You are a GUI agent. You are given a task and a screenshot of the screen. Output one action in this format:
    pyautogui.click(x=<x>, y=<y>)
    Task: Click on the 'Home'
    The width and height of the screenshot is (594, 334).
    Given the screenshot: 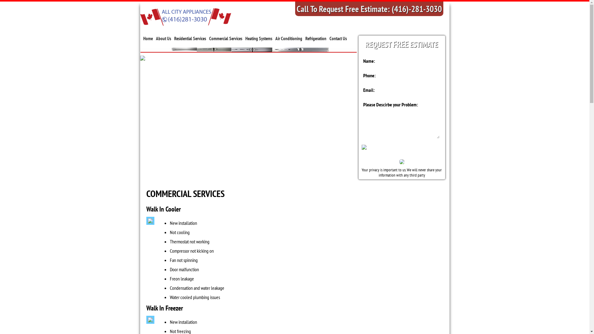 What is the action you would take?
    pyautogui.click(x=147, y=38)
    